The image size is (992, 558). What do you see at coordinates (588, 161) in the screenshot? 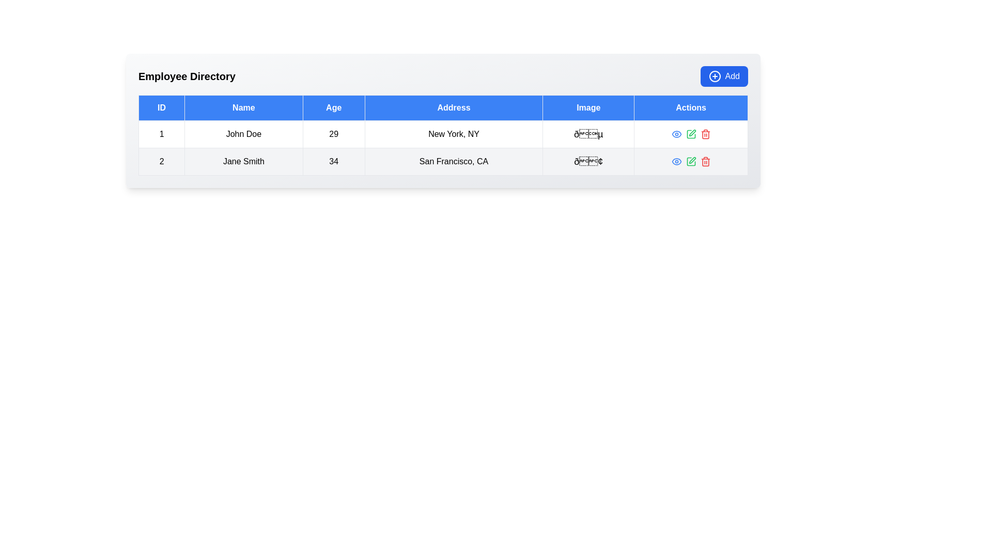
I see `the visual icon associated with 'Jane Smith' in the second row of the table under the 'Image' column` at bounding box center [588, 161].